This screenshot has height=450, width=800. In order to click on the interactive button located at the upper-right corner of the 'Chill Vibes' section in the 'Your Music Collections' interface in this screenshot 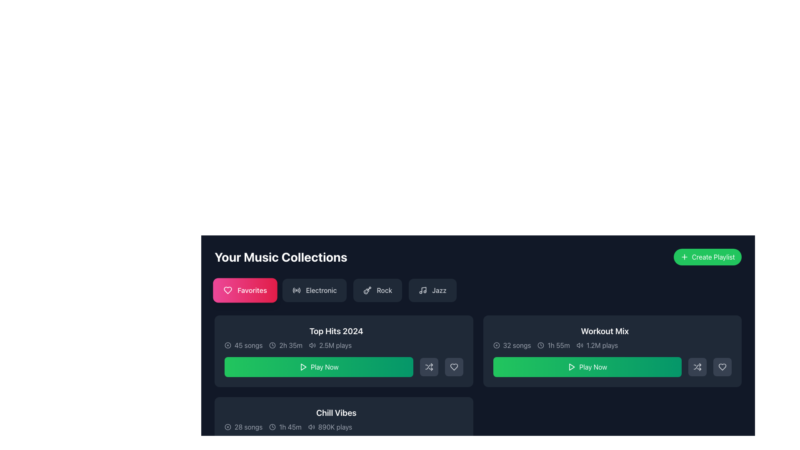, I will do `click(455, 415)`.